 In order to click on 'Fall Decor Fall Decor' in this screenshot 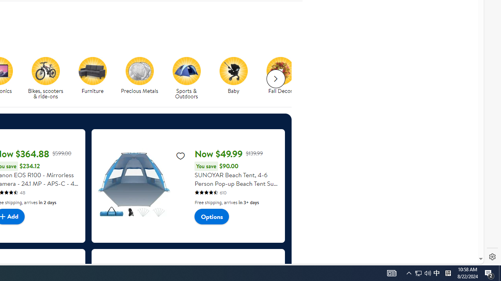, I will do `click(280, 76)`.